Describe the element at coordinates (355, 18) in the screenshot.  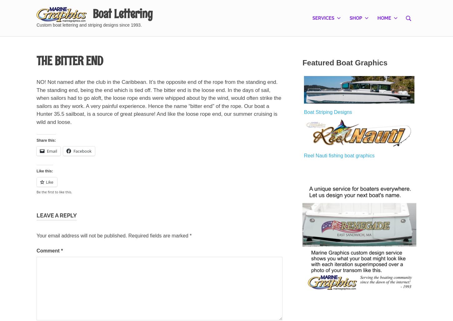
I see `'Shop'` at that location.